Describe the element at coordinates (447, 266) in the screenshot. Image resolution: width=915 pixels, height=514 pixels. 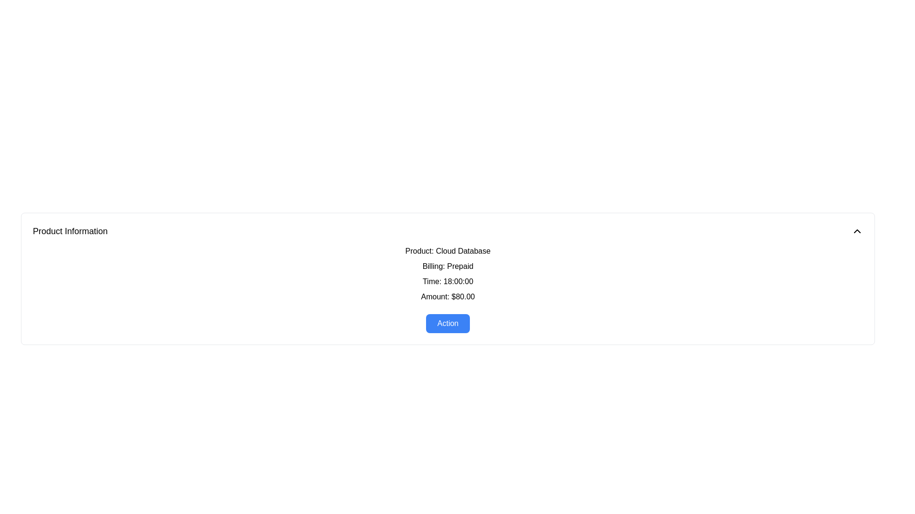
I see `the non-interactive text label indicating the billing type 'Prepaid', which is located under the 'Product: Cloud Database' section` at that location.